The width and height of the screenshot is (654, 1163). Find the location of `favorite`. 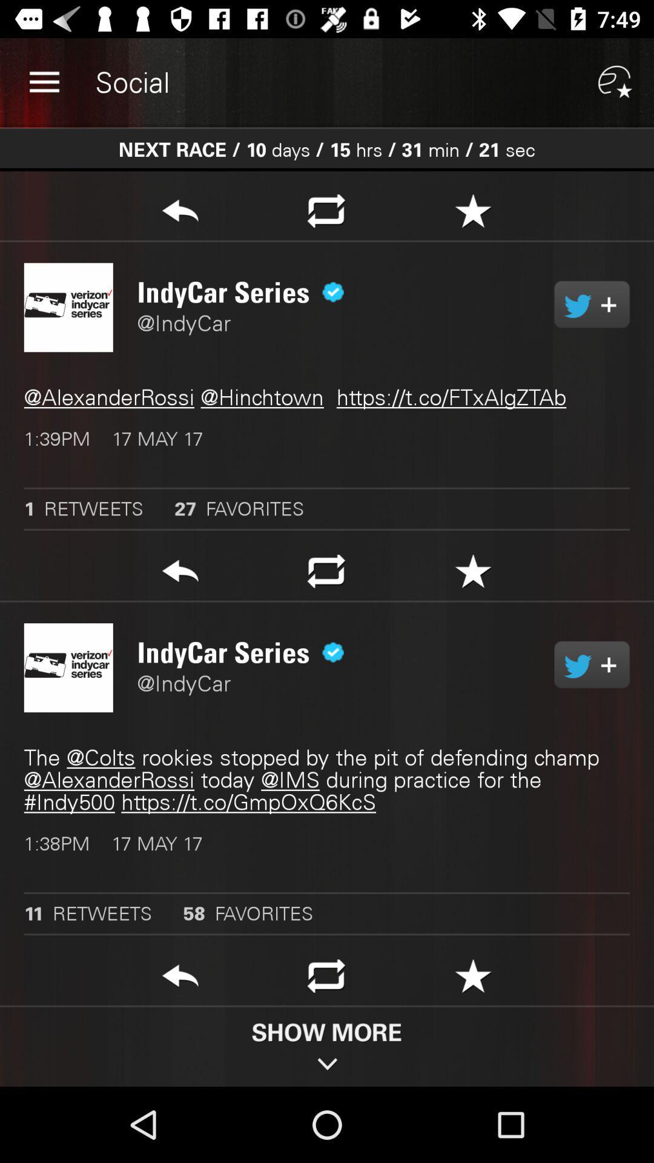

favorite is located at coordinates (472, 979).